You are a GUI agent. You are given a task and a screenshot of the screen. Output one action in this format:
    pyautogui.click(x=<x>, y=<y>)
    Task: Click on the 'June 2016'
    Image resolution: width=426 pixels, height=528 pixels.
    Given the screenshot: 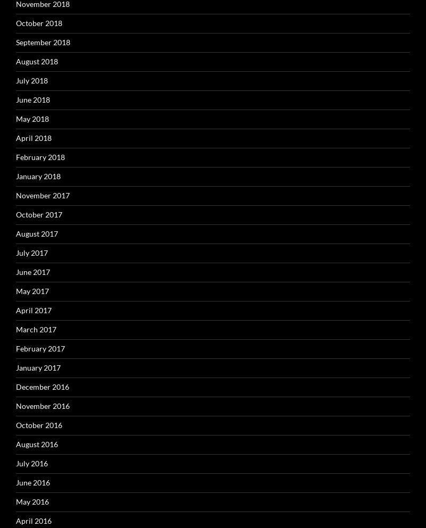 What is the action you would take?
    pyautogui.click(x=16, y=482)
    